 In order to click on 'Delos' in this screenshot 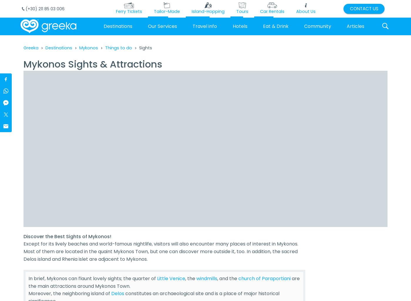, I will do `click(111, 293)`.